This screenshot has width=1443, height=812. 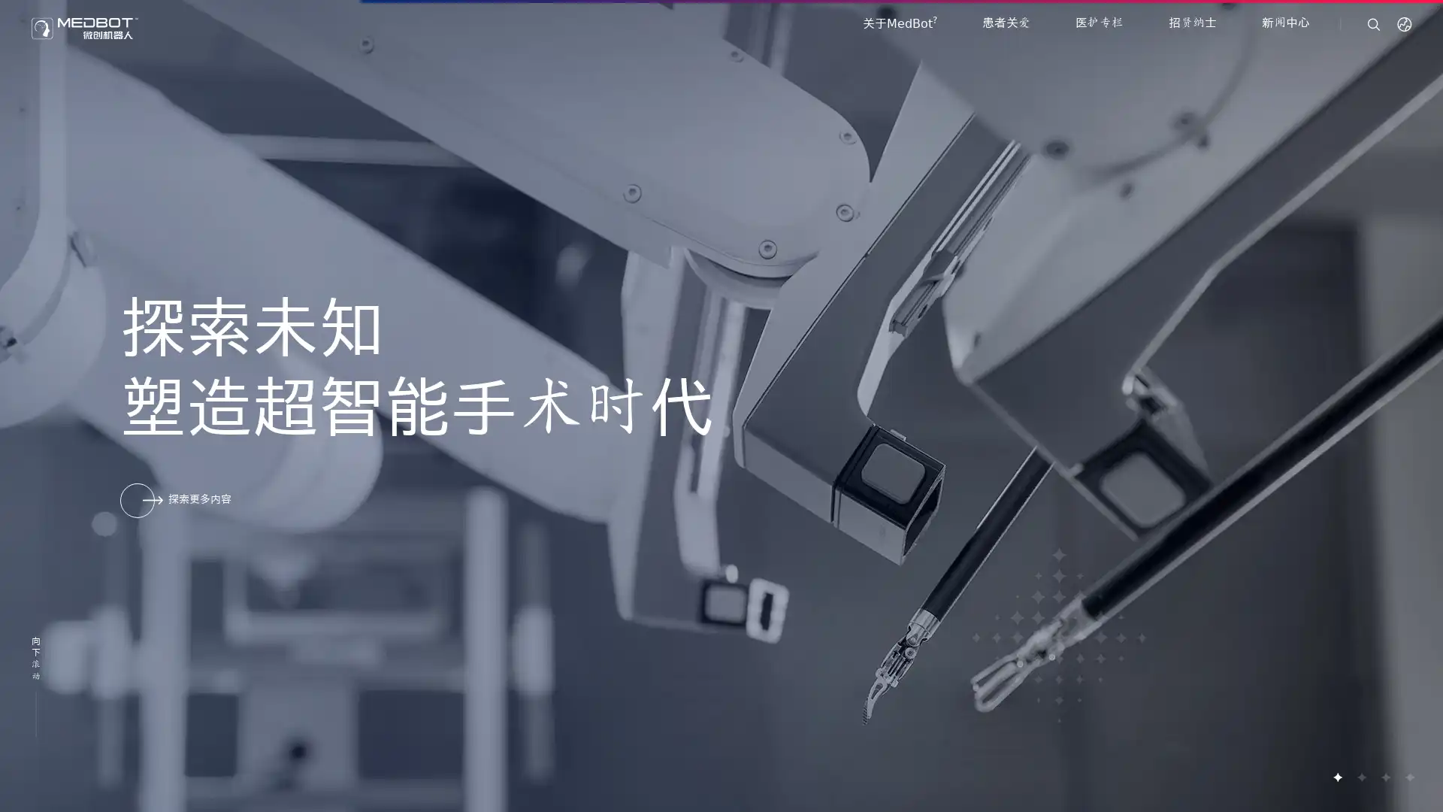 What do you see at coordinates (1337, 777) in the screenshot?
I see `Go to slide 1` at bounding box center [1337, 777].